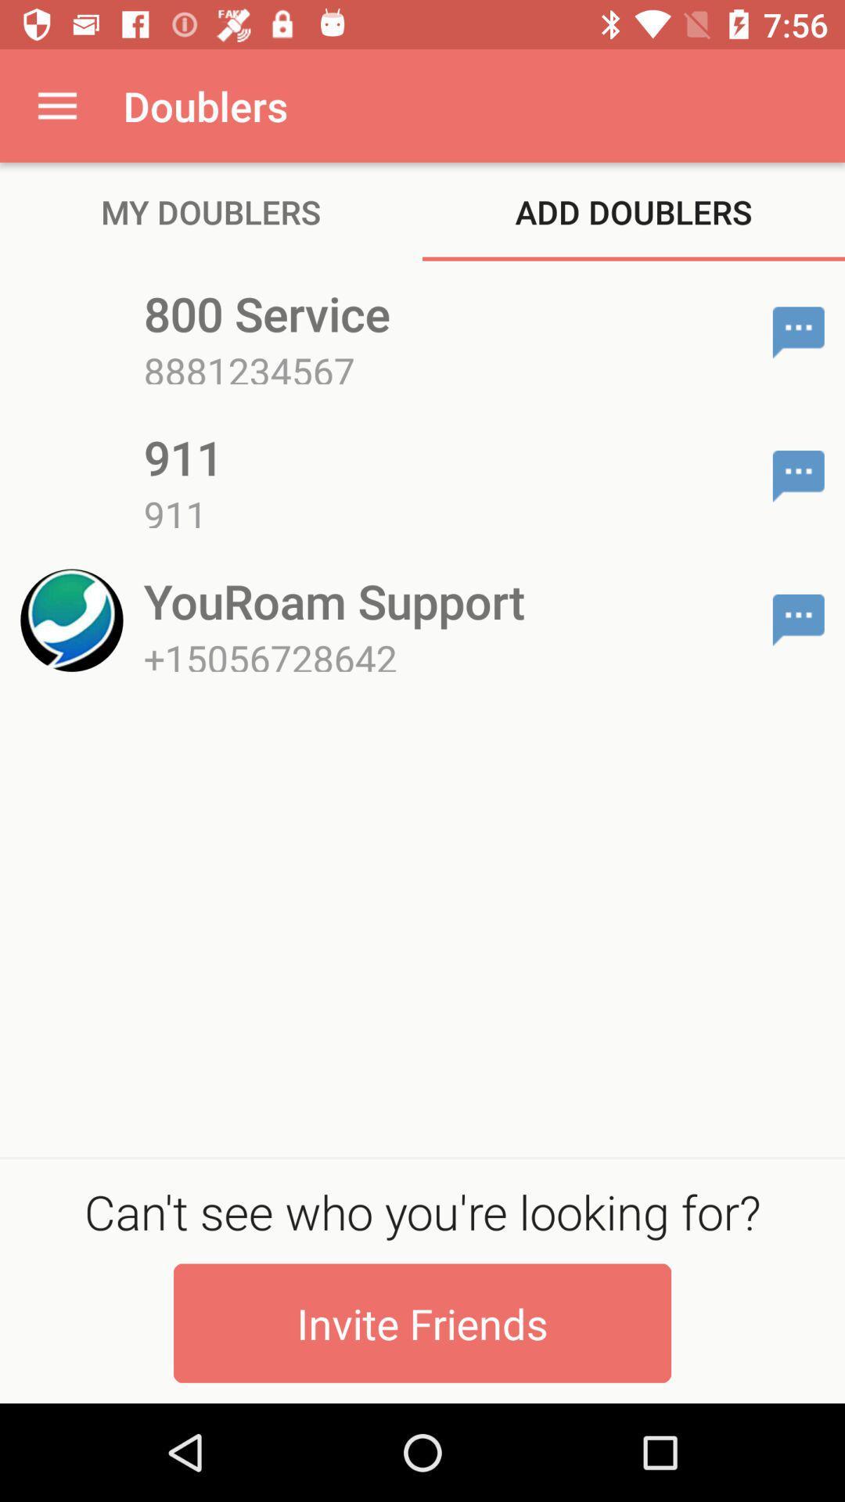 This screenshot has width=845, height=1502. What do you see at coordinates (798, 332) in the screenshot?
I see `item to the right of the 800 service icon` at bounding box center [798, 332].